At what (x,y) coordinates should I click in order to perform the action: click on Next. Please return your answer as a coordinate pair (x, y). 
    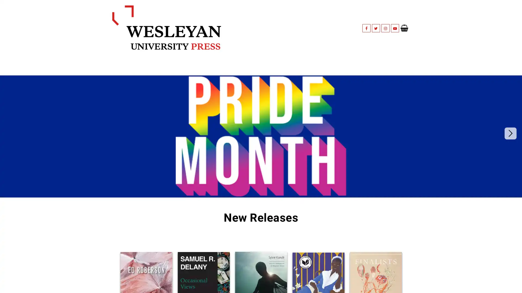
    Looking at the image, I should click on (510, 125).